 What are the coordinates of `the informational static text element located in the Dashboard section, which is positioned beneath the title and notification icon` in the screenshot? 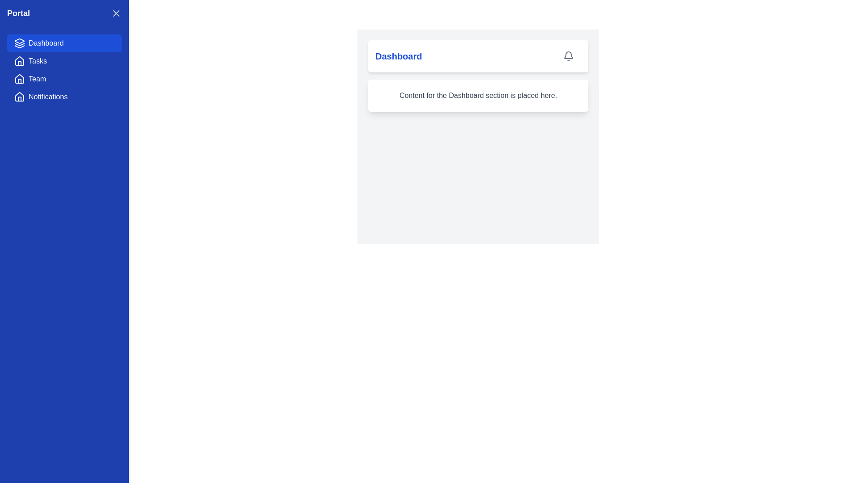 It's located at (478, 95).